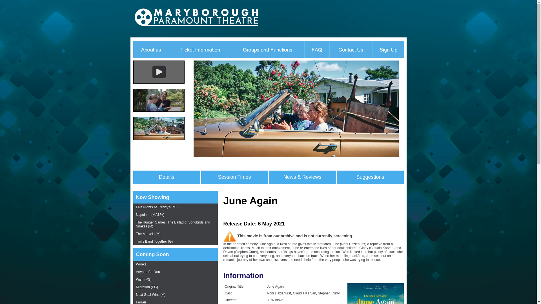  Describe the element at coordinates (175, 264) in the screenshot. I see `'Wonka'` at that location.